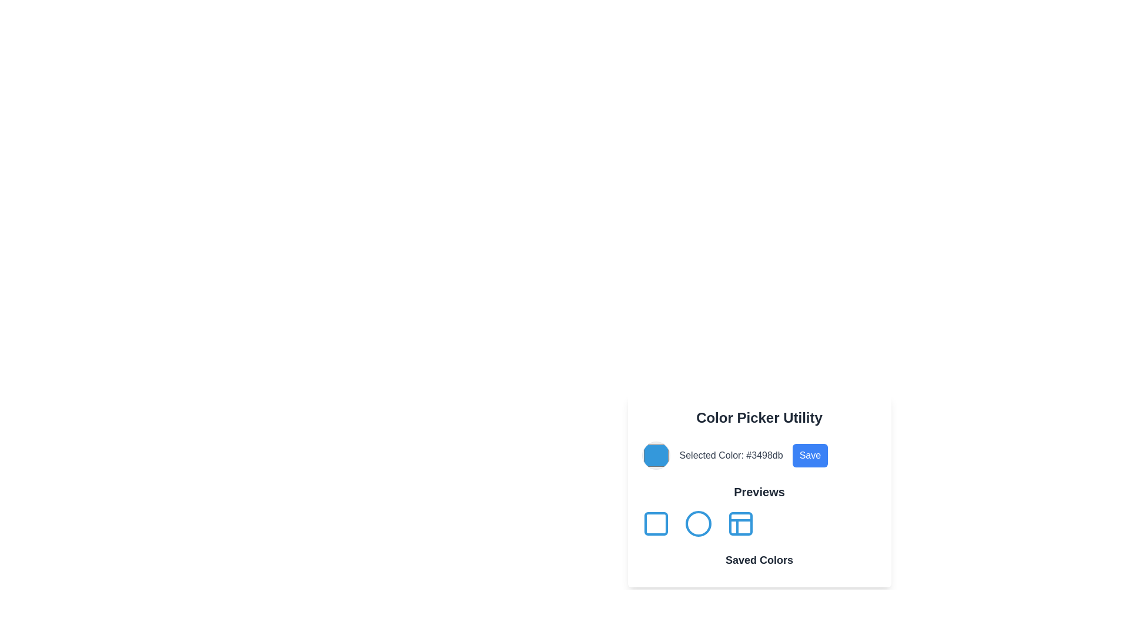 Image resolution: width=1129 pixels, height=635 pixels. I want to click on the third icon labeled 'Previews', so click(740, 523).